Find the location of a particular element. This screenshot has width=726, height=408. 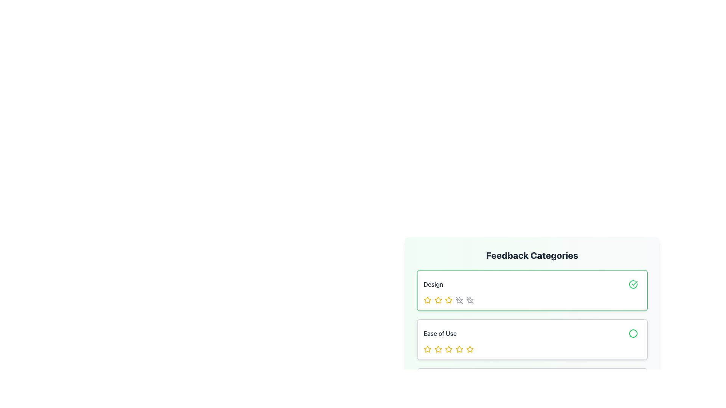

the fifth star icon representing the highest rating in the 'Design' category of the feedback section is located at coordinates (469, 300).